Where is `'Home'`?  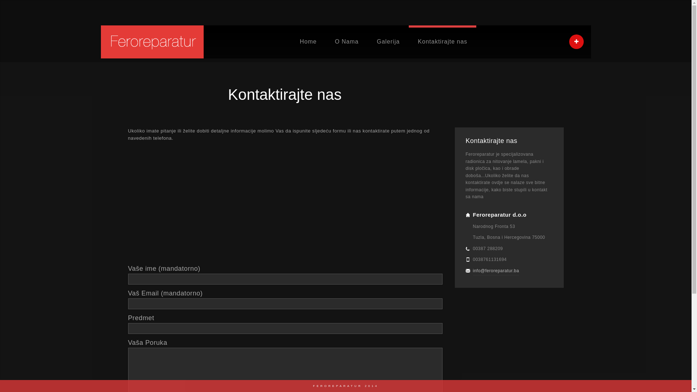
'Home' is located at coordinates (308, 42).